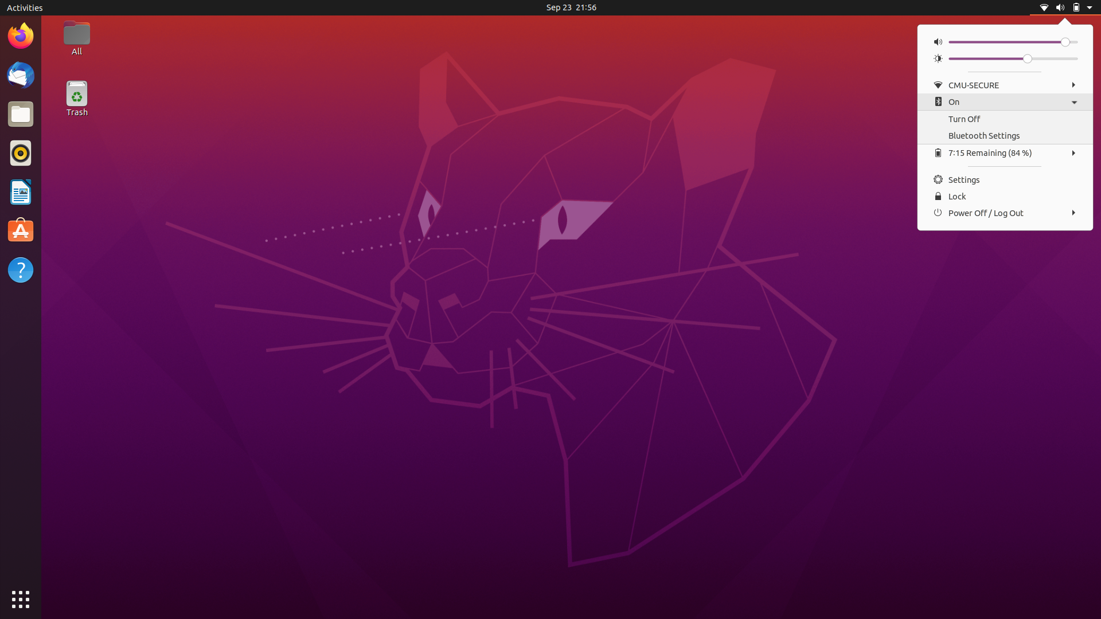 Image resolution: width=1101 pixels, height=619 pixels. Describe the element at coordinates (1004, 152) in the screenshot. I see `Battery Preferences` at that location.